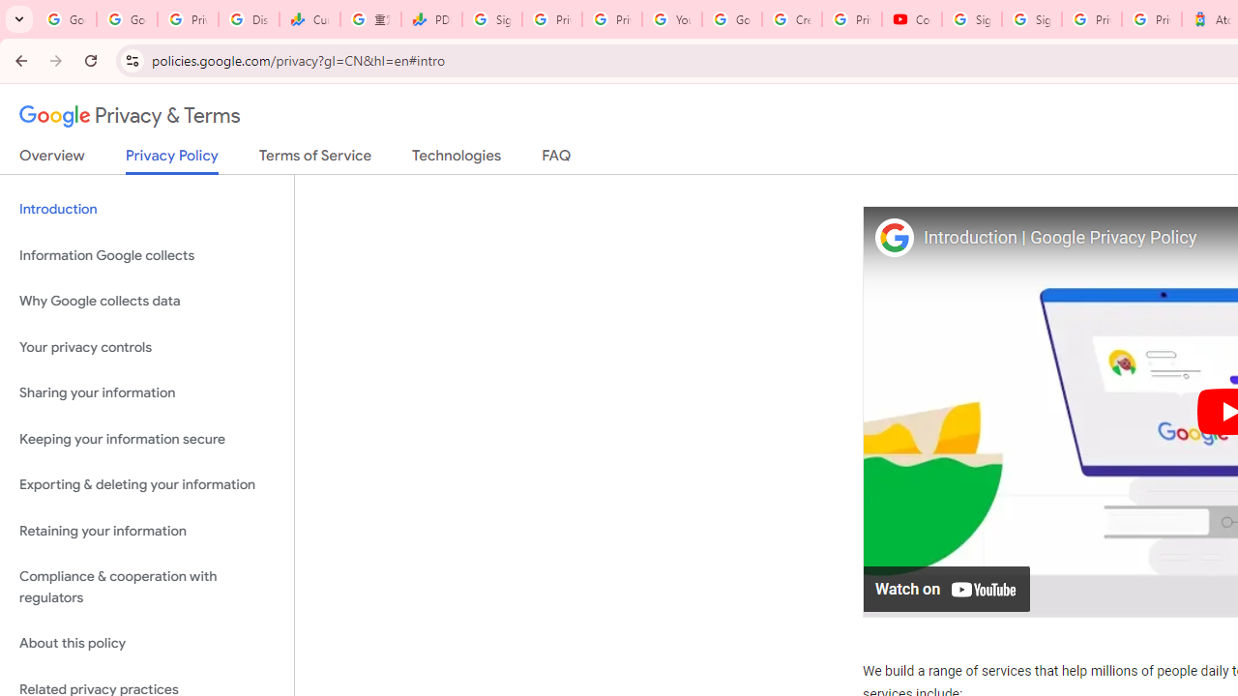  What do you see at coordinates (792, 19) in the screenshot?
I see `'Create your Google Account'` at bounding box center [792, 19].